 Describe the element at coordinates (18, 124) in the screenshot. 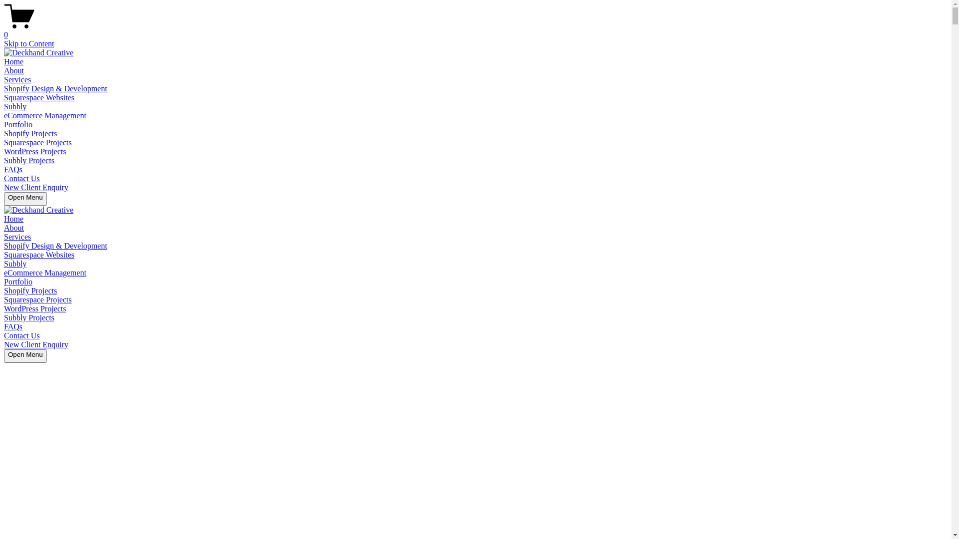

I see `'Portfolio'` at that location.